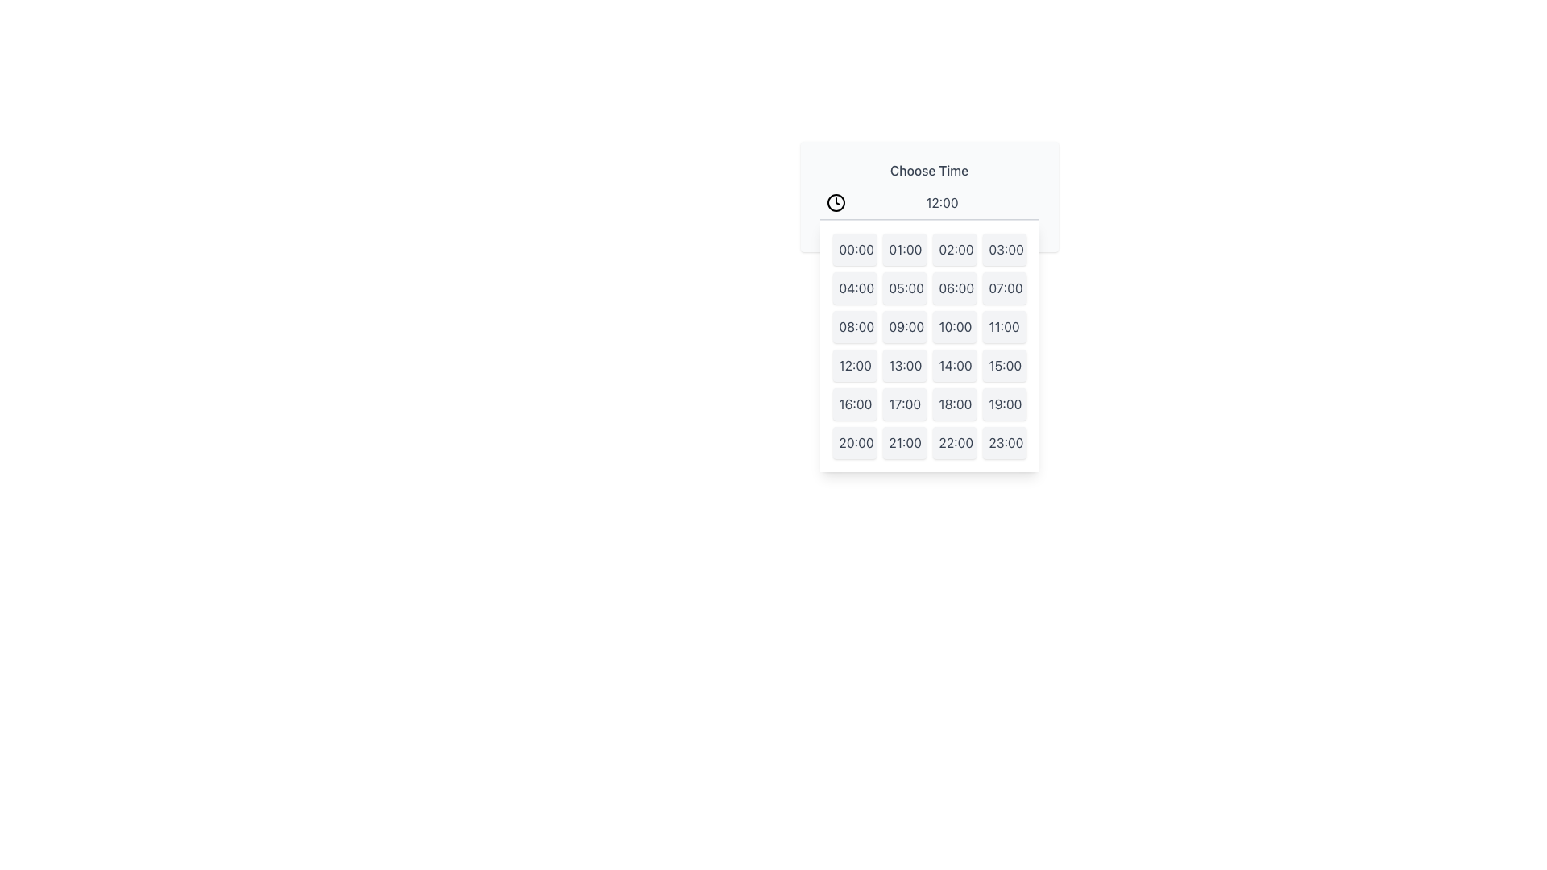 This screenshot has width=1547, height=870. What do you see at coordinates (929, 196) in the screenshot?
I see `the time display element showing '12:00' which is styled in gray and located below the 'Choose Time' label for further interaction` at bounding box center [929, 196].